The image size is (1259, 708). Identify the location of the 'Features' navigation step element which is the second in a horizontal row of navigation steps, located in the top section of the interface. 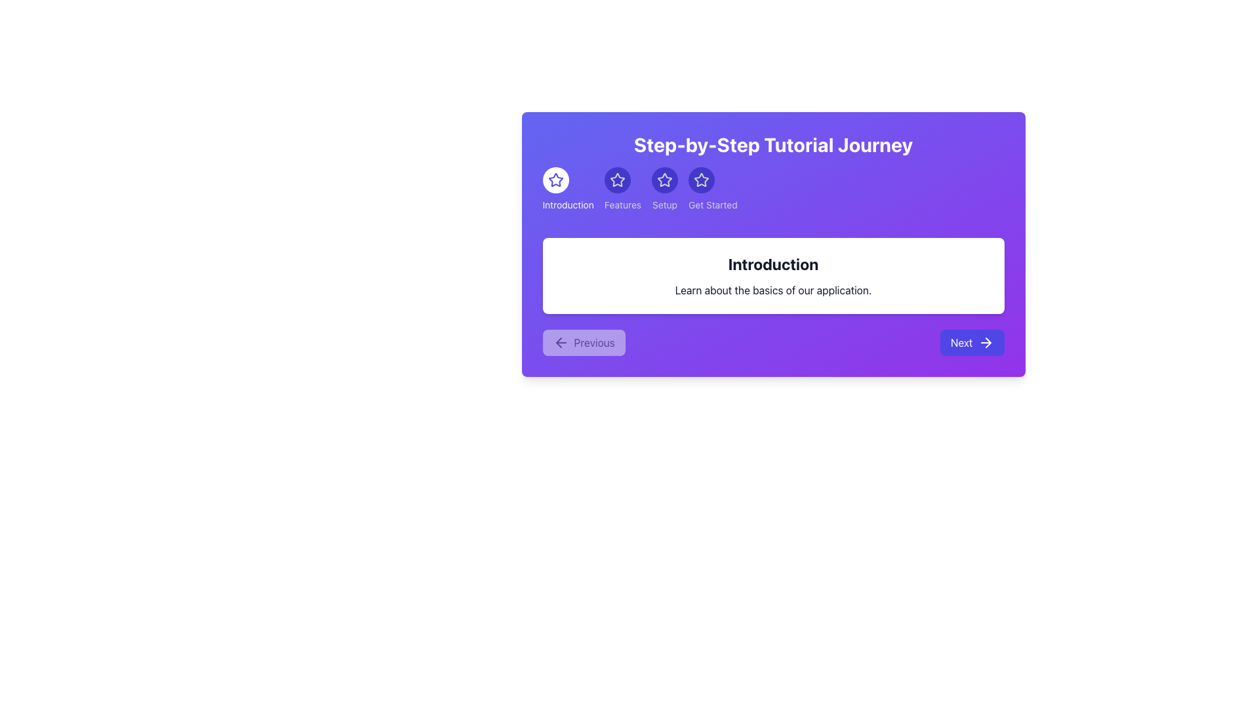
(622, 189).